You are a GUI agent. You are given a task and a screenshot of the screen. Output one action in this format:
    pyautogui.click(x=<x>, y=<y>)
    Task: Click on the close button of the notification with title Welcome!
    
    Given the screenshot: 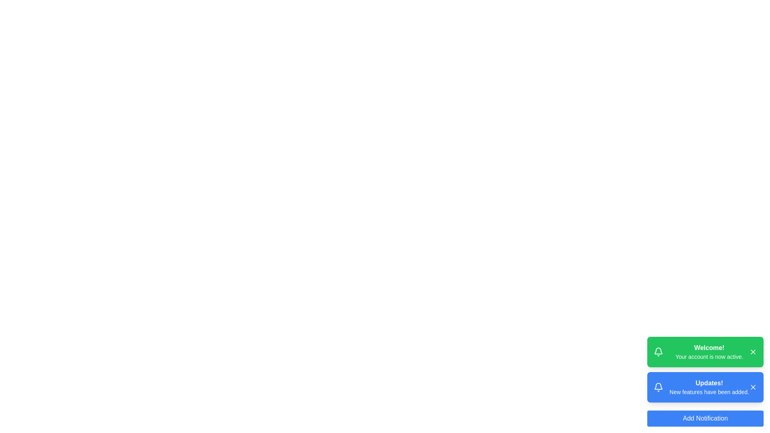 What is the action you would take?
    pyautogui.click(x=752, y=352)
    